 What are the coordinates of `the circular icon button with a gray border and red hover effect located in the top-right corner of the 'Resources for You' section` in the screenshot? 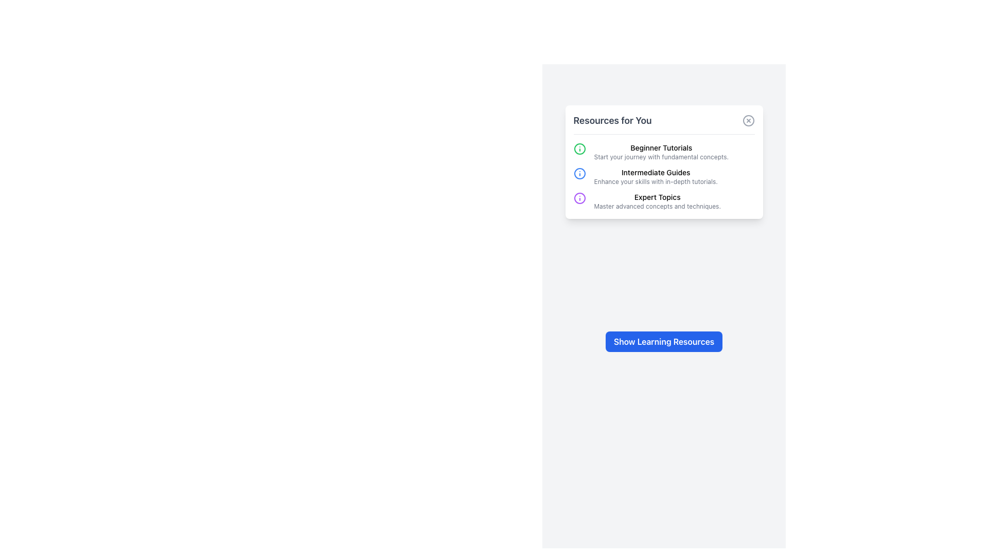 It's located at (748, 120).